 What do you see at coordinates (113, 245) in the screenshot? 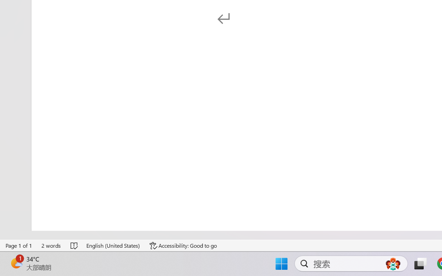
I see `'Language English (United States)'` at bounding box center [113, 245].